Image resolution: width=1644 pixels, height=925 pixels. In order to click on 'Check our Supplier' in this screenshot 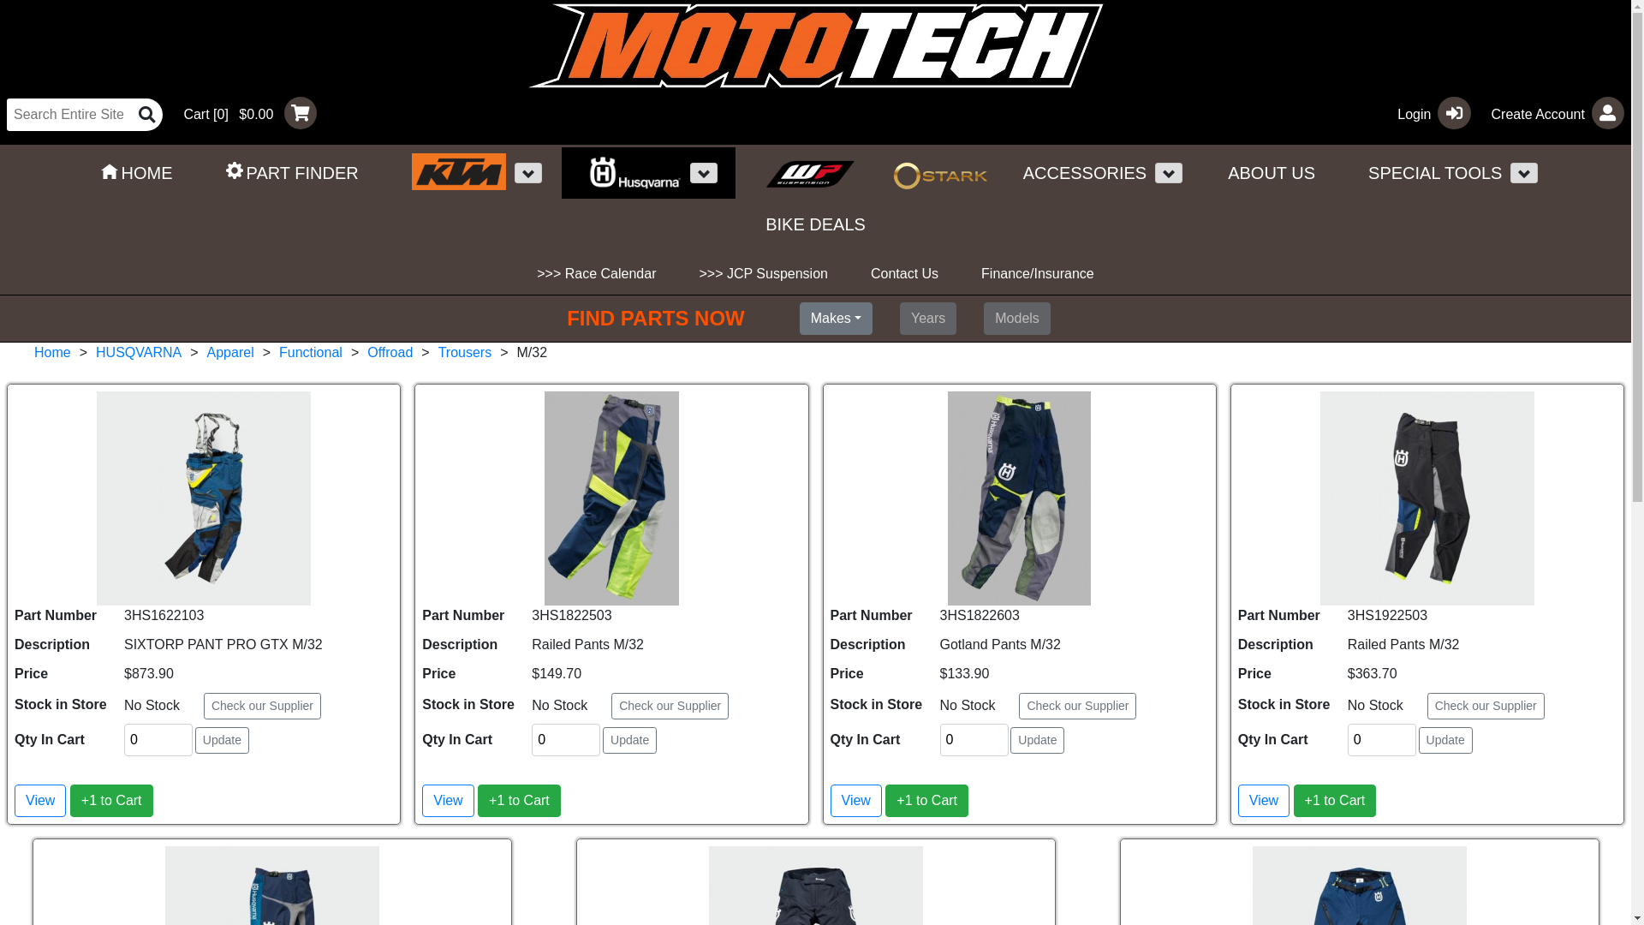, I will do `click(261, 706)`.